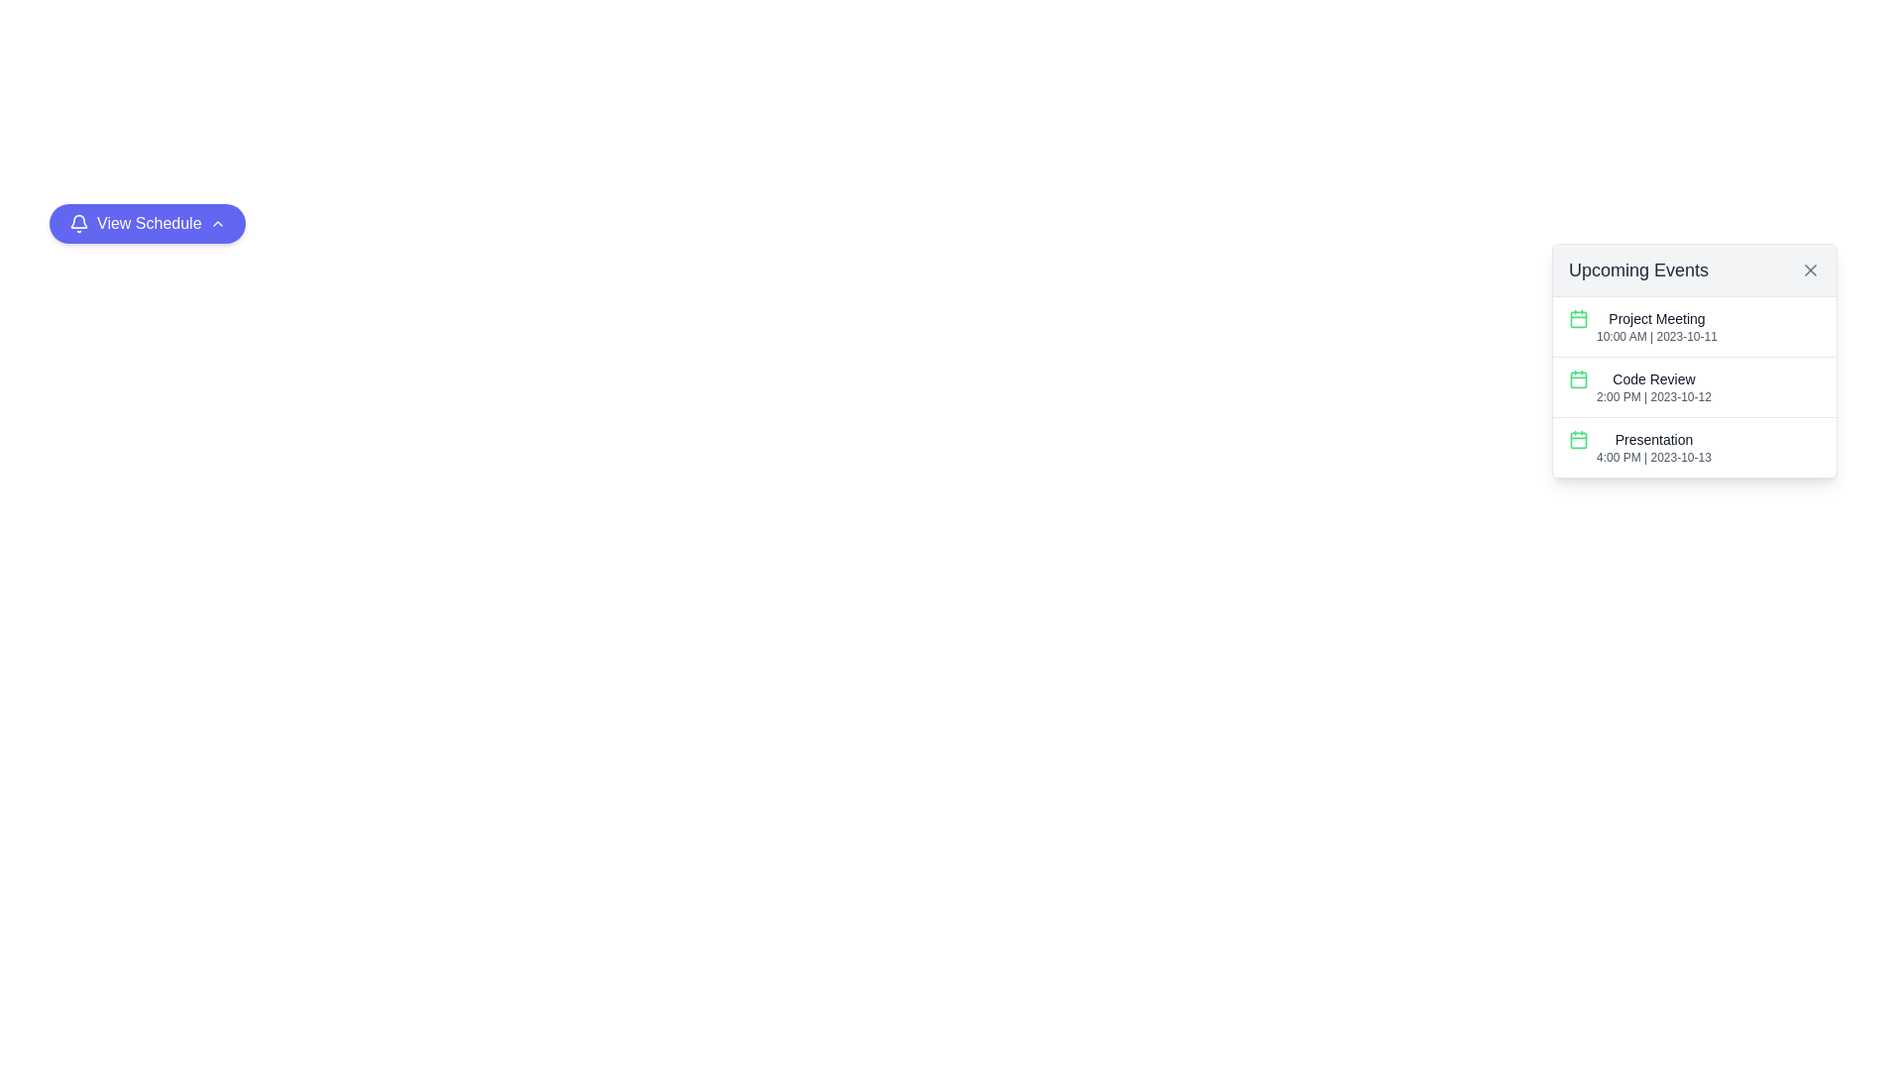 This screenshot has height=1070, width=1903. Describe the element at coordinates (1811, 270) in the screenshot. I see `the 'X' icon button in the header of the 'Upcoming Events' box to trigger a color change from gray to red` at that location.